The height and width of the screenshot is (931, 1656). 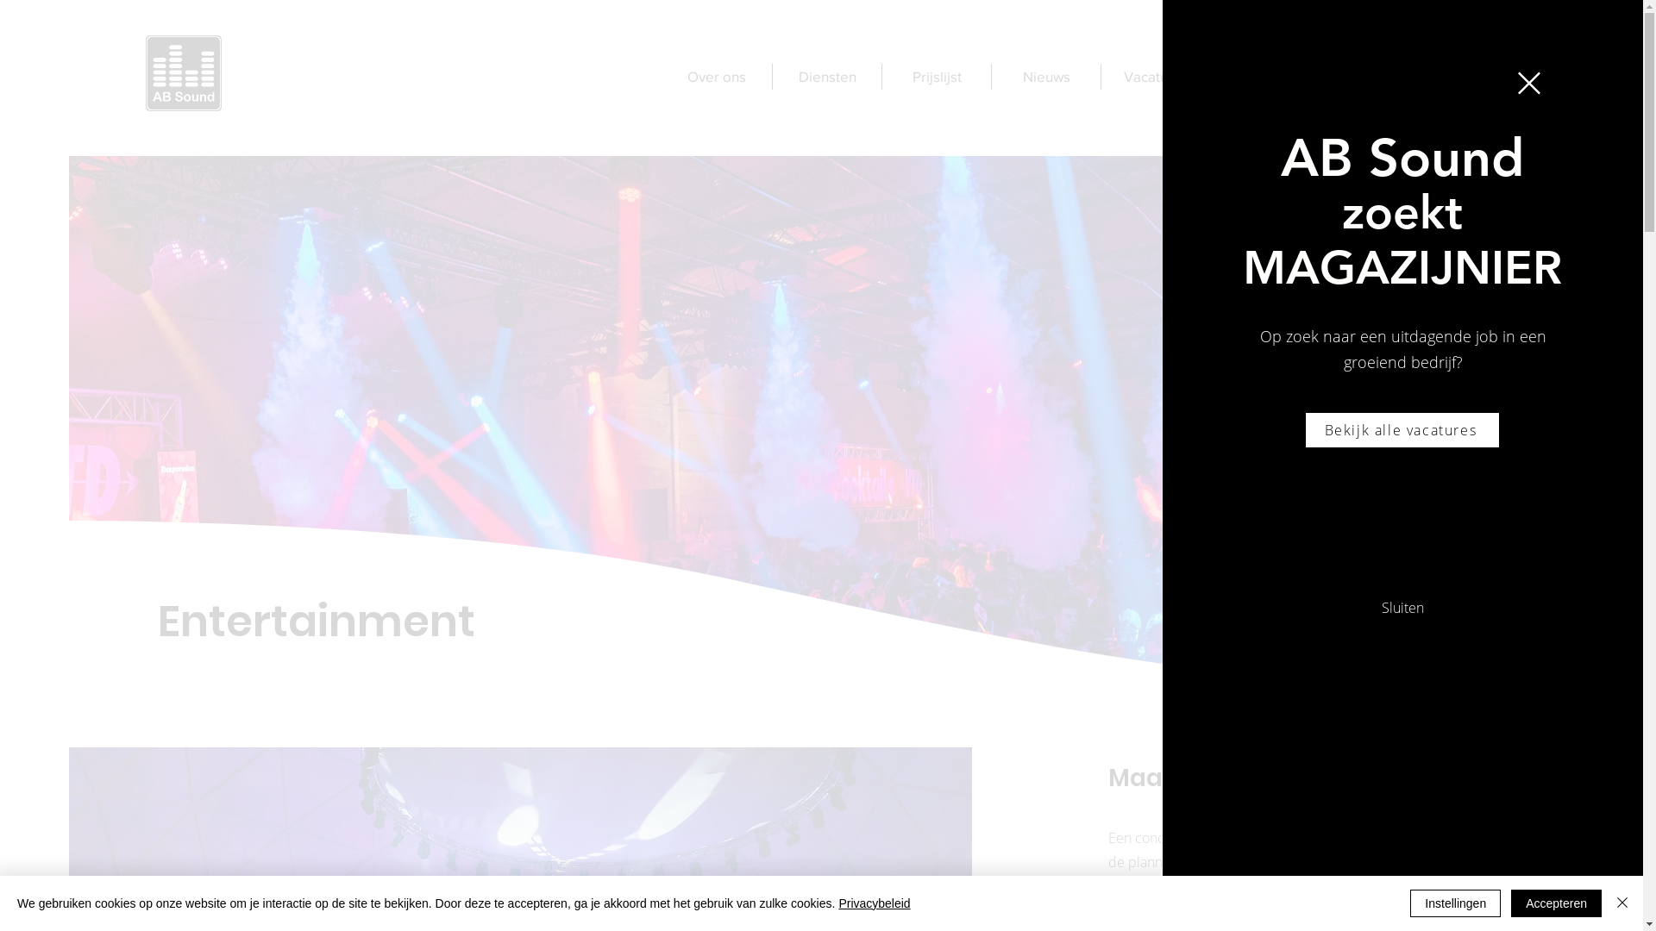 What do you see at coordinates (1556, 903) in the screenshot?
I see `'Accepteren'` at bounding box center [1556, 903].